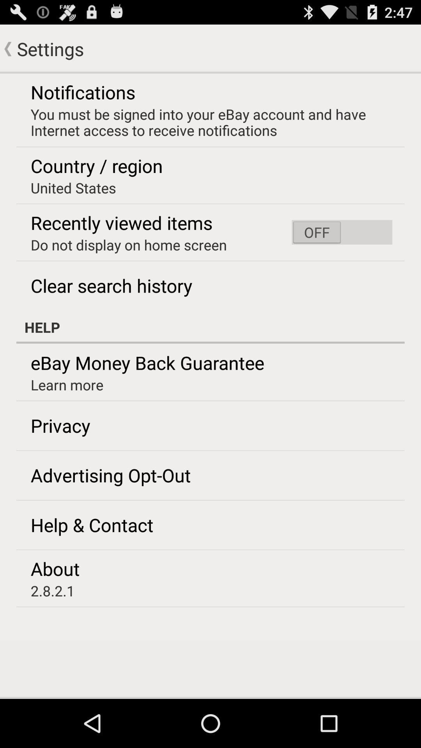 This screenshot has height=748, width=421. I want to click on the united states app, so click(73, 188).